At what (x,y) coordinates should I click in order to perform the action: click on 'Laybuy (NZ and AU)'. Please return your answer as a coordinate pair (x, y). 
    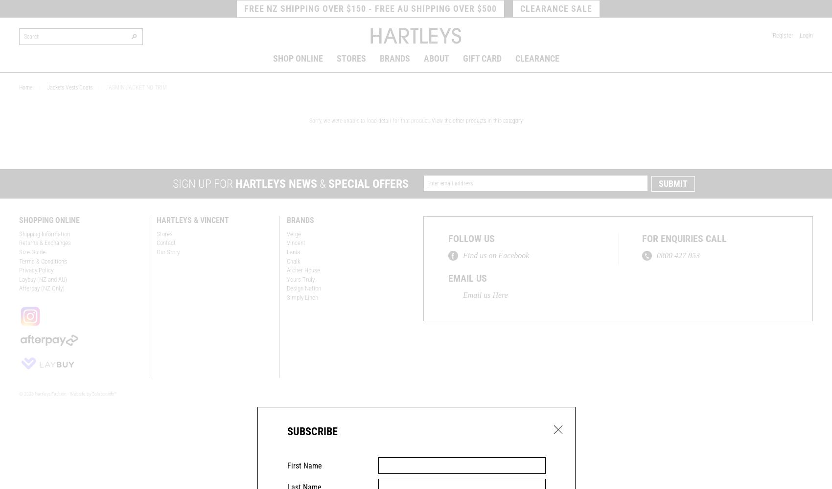
    Looking at the image, I should click on (43, 278).